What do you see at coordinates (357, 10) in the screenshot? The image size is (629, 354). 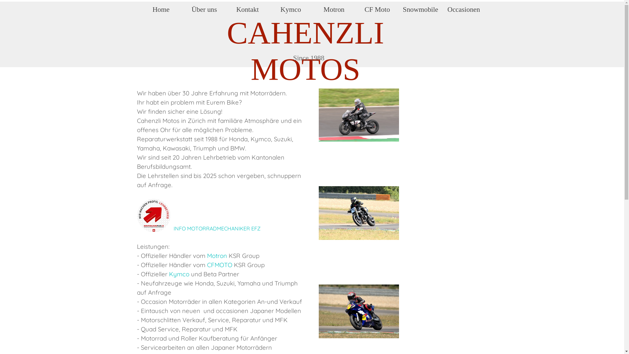 I see `'CF Moto'` at bounding box center [357, 10].